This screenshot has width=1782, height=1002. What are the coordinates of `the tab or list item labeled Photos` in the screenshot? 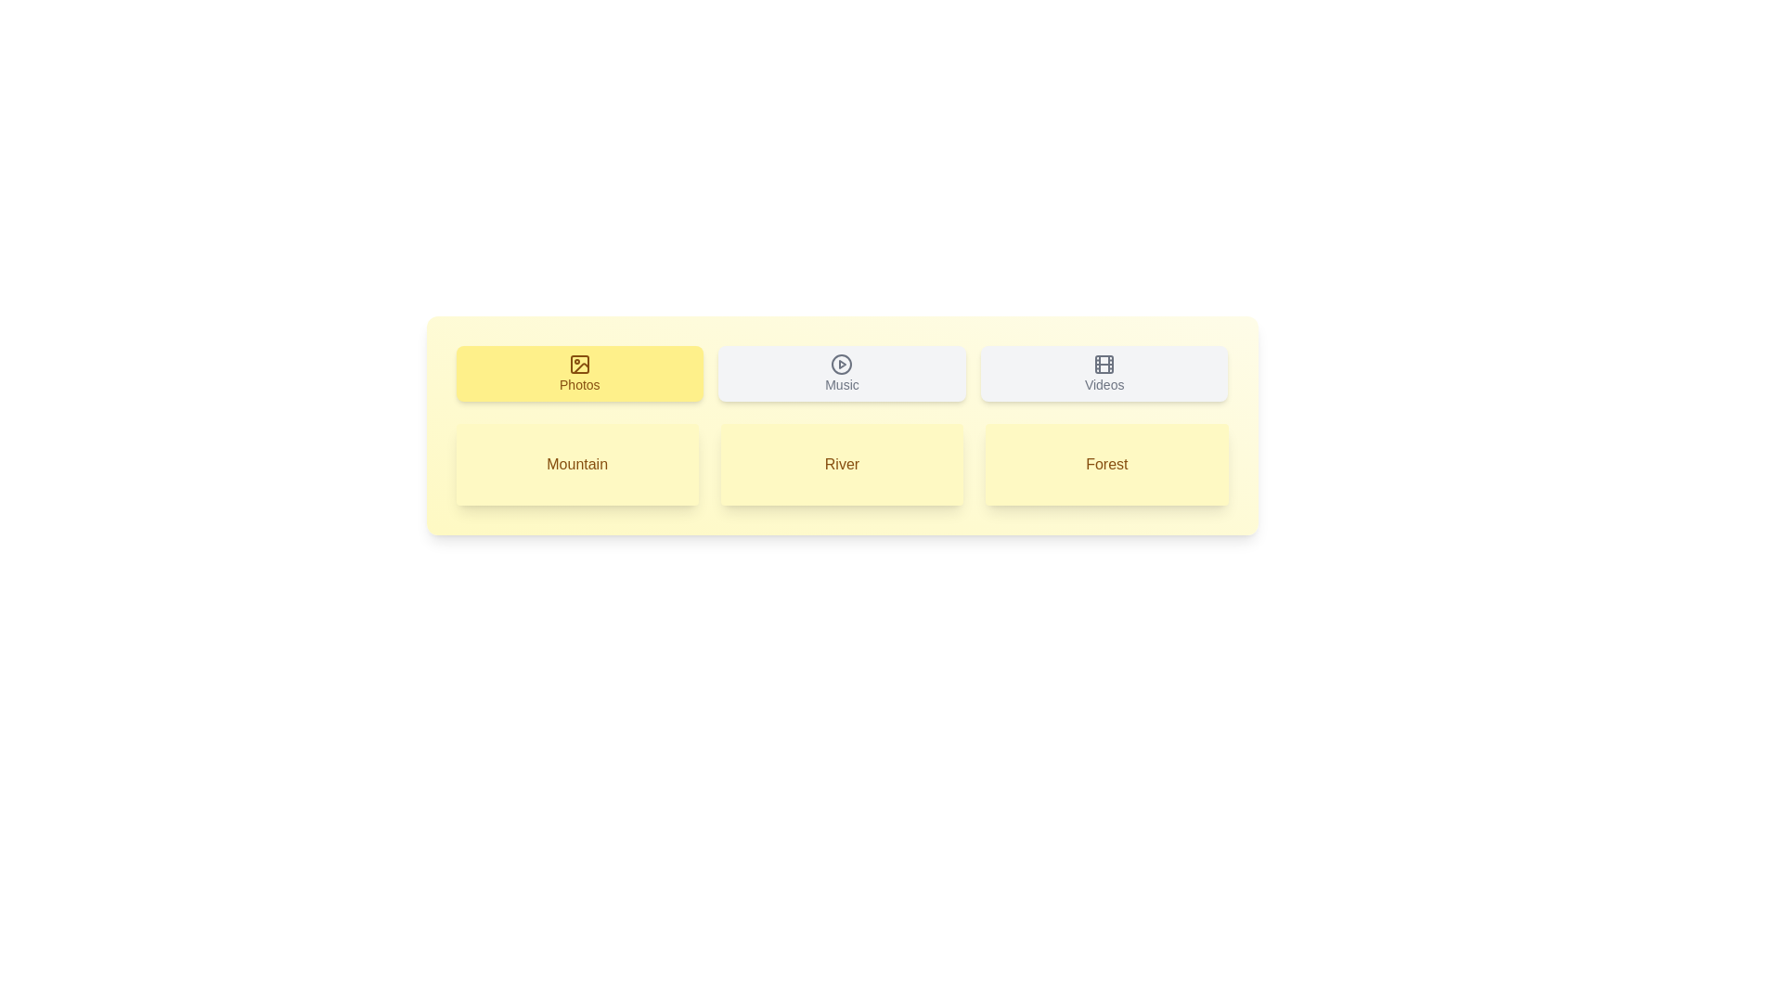 It's located at (578, 373).